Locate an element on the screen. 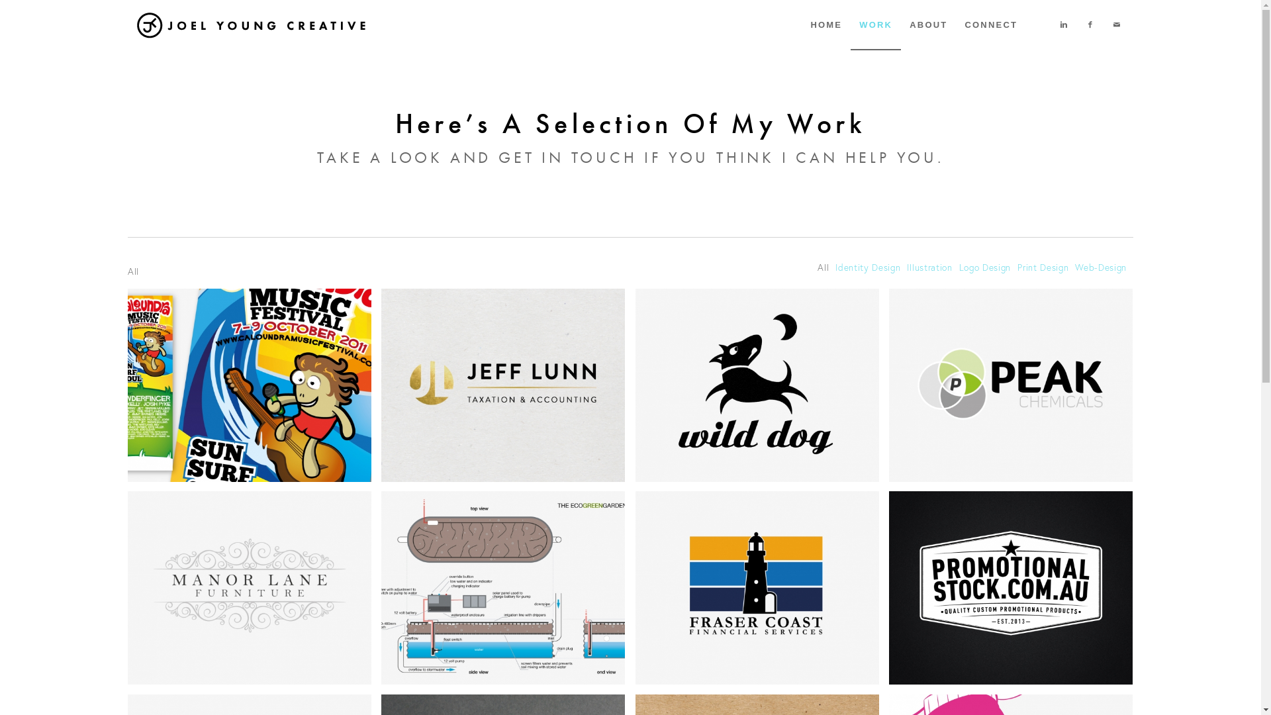 Image resolution: width=1271 pixels, height=715 pixels. 'CMF Poster Design' is located at coordinates (254, 389).